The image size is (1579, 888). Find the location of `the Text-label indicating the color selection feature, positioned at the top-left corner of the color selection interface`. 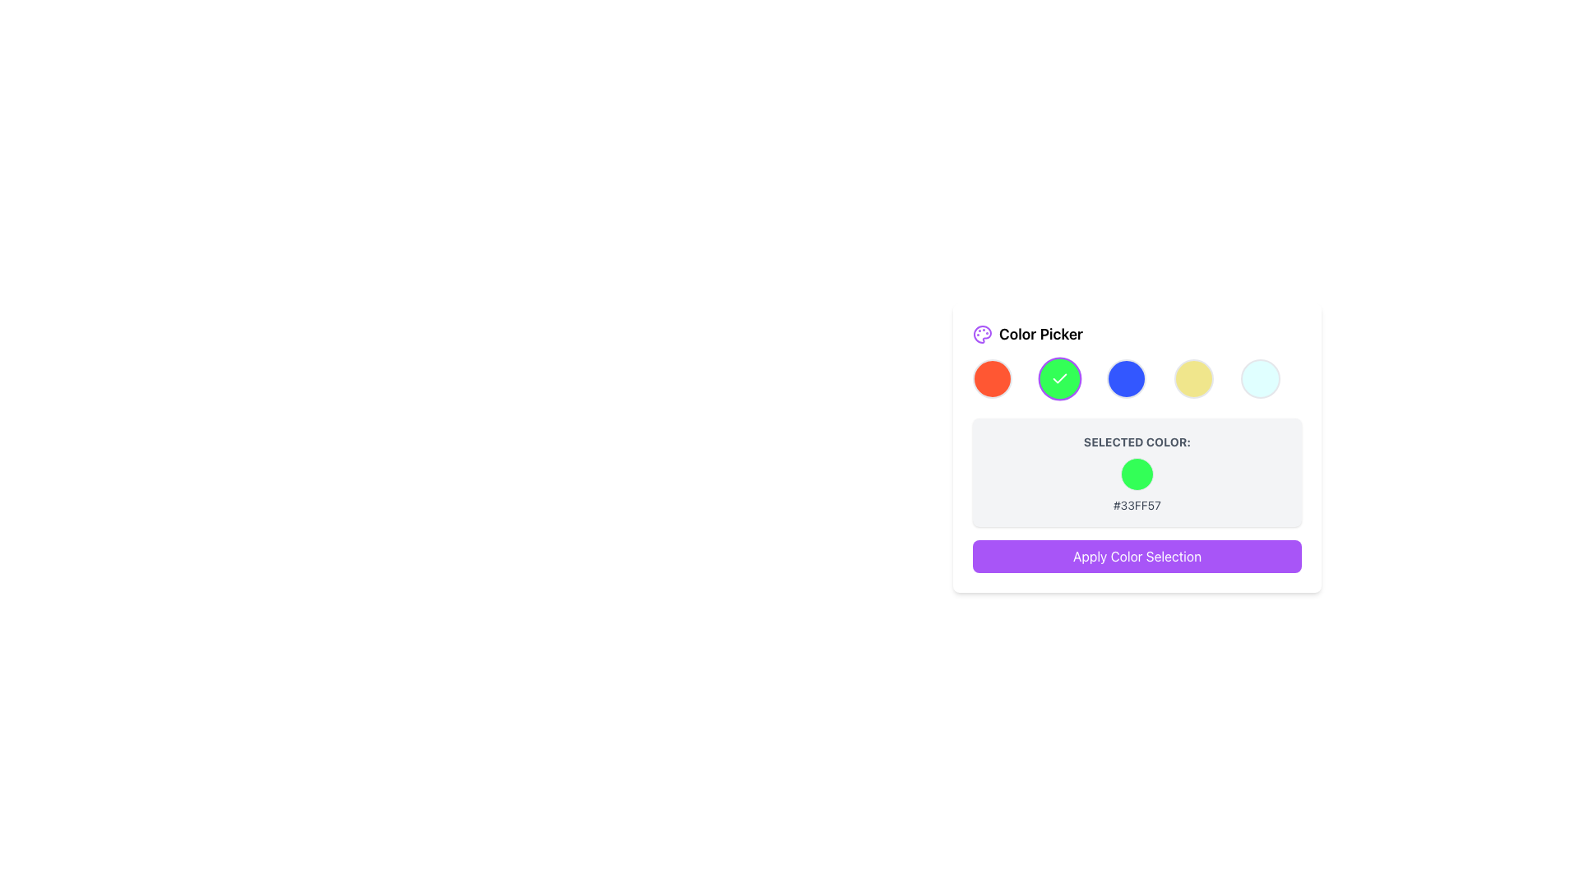

the Text-label indicating the color selection feature, positioned at the top-left corner of the color selection interface is located at coordinates (1027, 334).